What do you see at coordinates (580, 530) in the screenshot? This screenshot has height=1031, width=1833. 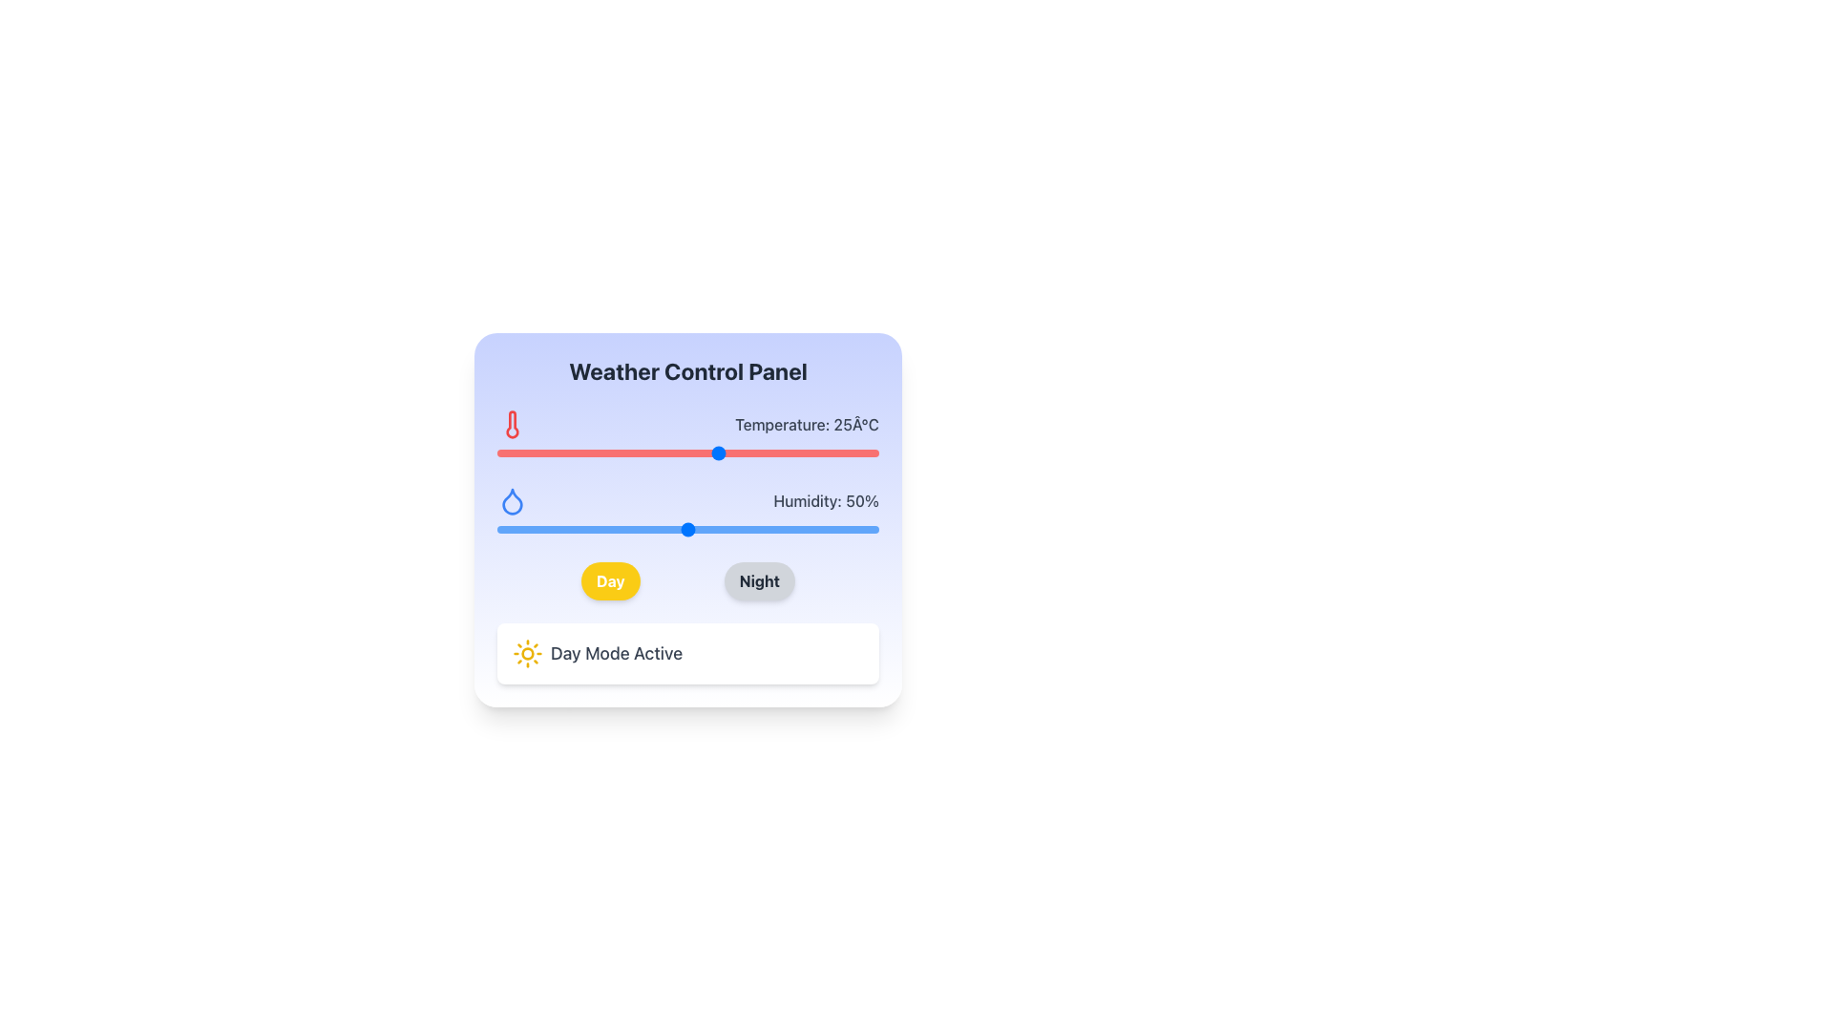 I see `humidity` at bounding box center [580, 530].